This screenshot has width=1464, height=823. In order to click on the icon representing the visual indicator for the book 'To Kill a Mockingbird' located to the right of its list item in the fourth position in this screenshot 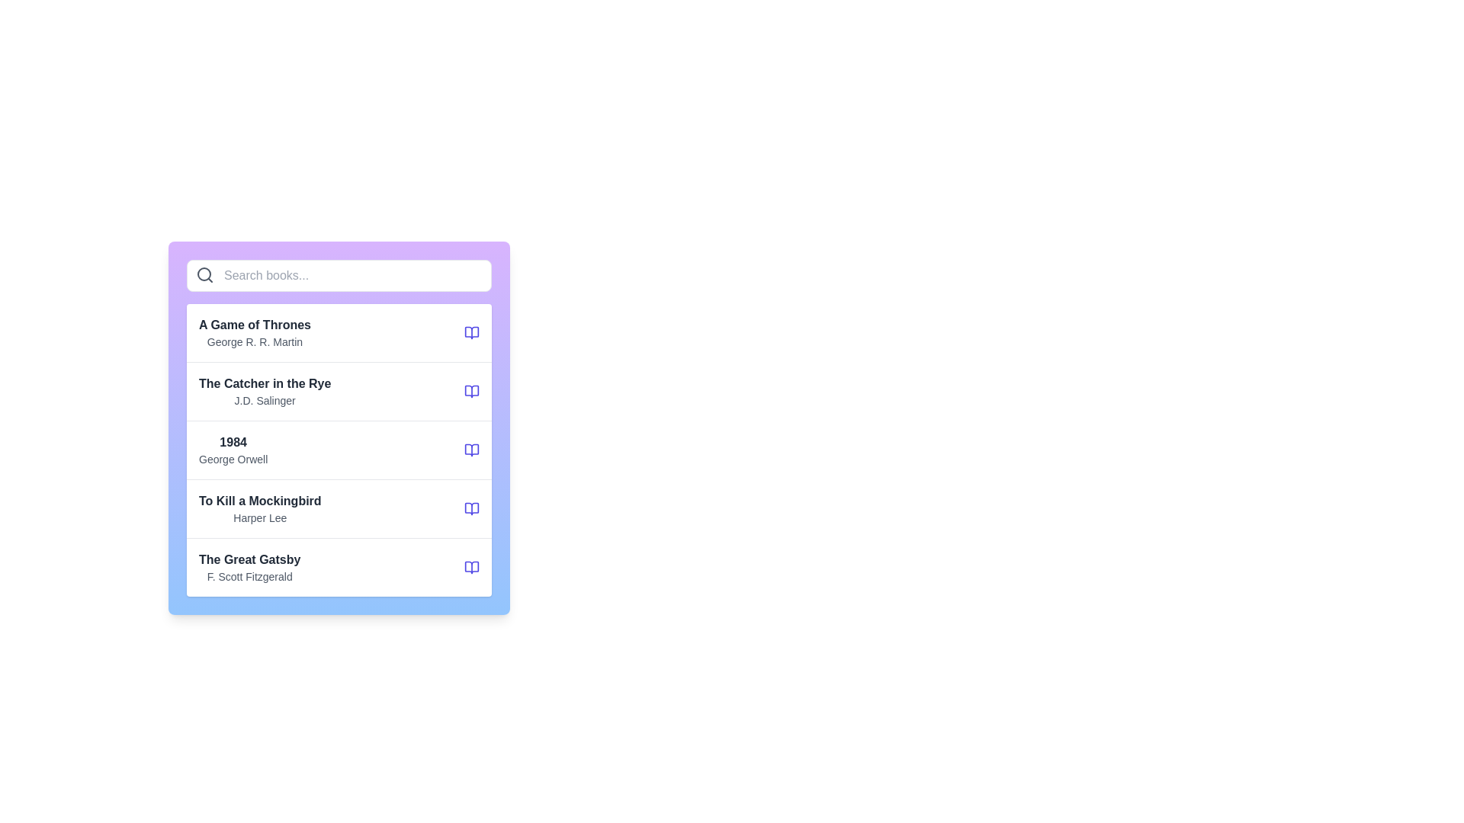, I will do `click(471, 508)`.